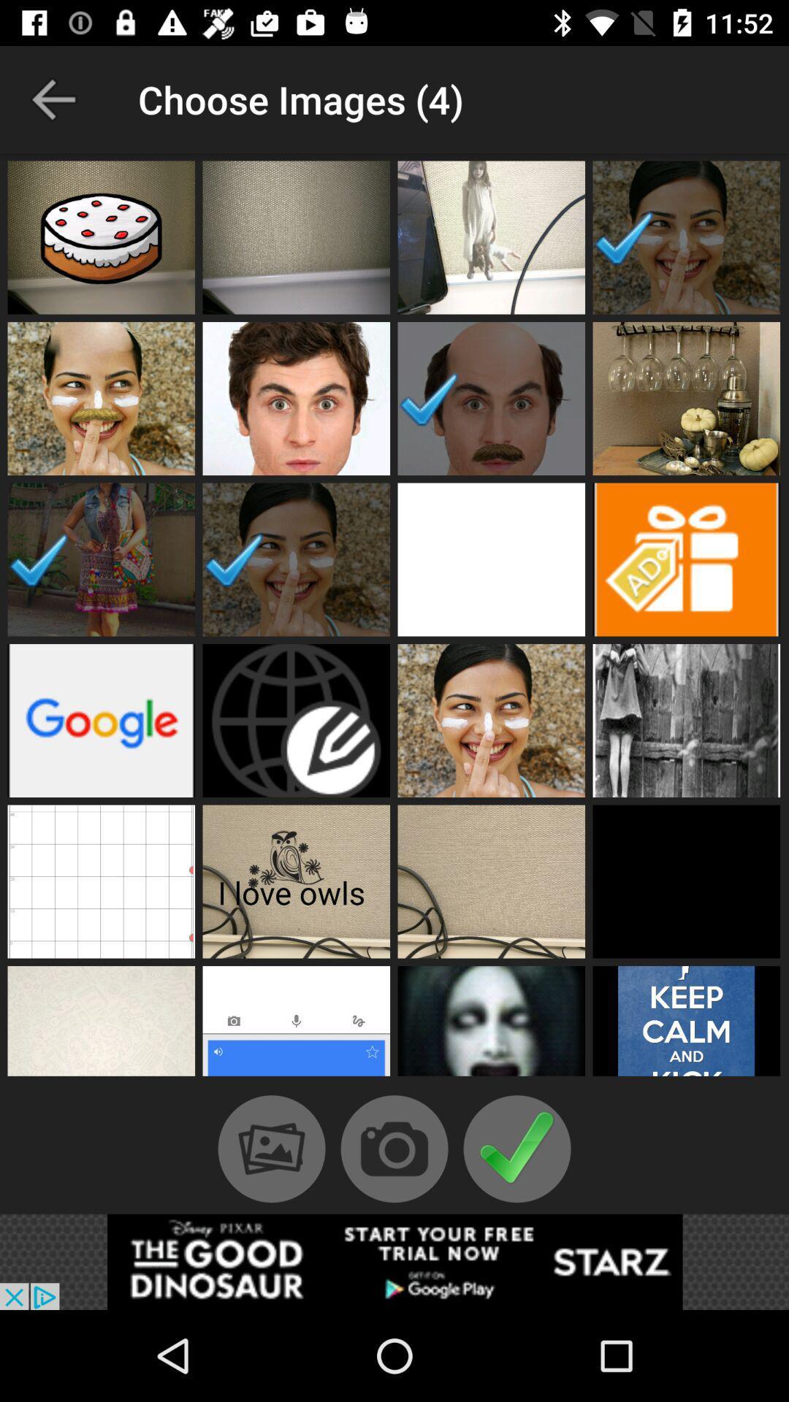 The width and height of the screenshot is (789, 1402). What do you see at coordinates (491, 238) in the screenshot?
I see `third option in first row` at bounding box center [491, 238].